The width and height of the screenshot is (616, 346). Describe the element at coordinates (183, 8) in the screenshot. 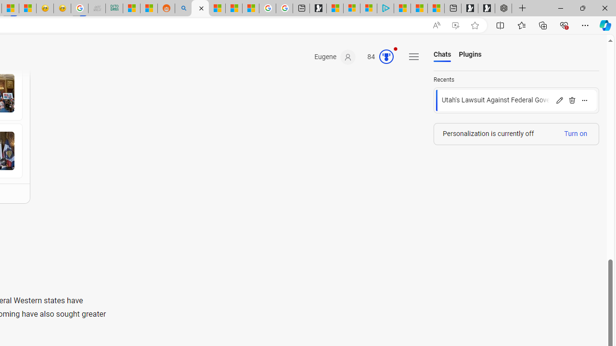

I see `'Utah sues federal government - Search'` at that location.